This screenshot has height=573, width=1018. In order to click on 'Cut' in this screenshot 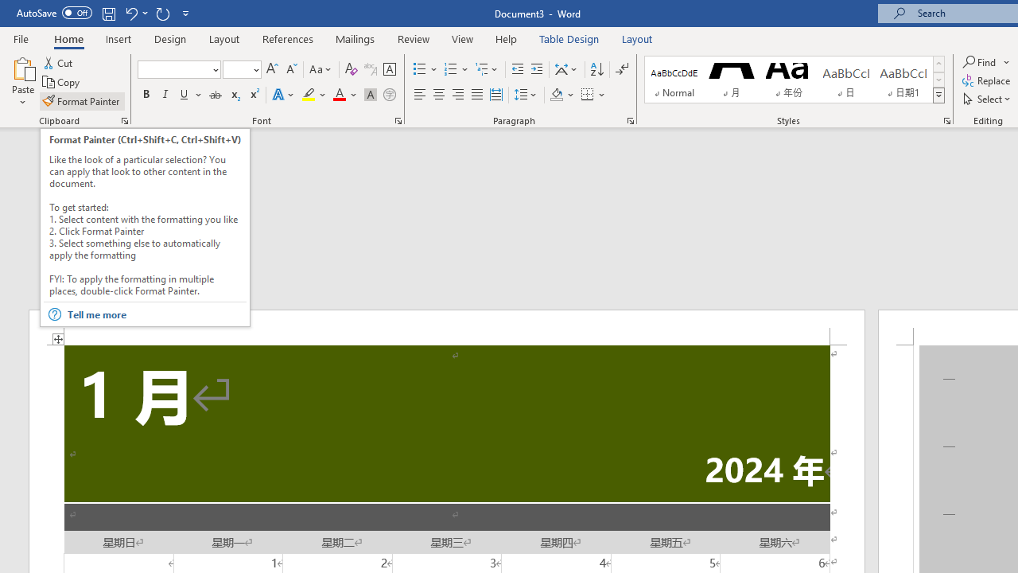, I will do `click(59, 62)`.